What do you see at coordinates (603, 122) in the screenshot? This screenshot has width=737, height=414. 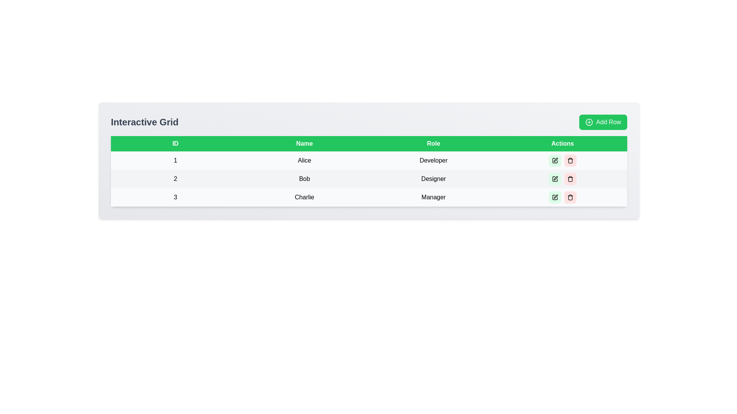 I see `the button located in the top-right corner of the 'Interactive Grid' section header` at bounding box center [603, 122].